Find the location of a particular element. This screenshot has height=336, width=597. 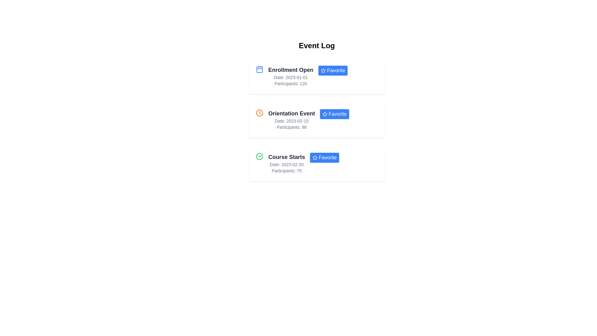

the text label displaying 'Participants: 98', styled in a small, gray font, located in the bottom-left region of the event's section is located at coordinates (291, 127).